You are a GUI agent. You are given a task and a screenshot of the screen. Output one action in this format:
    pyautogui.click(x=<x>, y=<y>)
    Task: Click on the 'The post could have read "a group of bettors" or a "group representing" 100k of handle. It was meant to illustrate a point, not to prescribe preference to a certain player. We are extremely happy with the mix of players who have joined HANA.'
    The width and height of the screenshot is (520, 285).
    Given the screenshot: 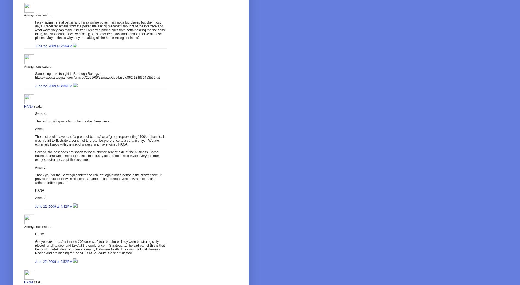 What is the action you would take?
    pyautogui.click(x=100, y=140)
    